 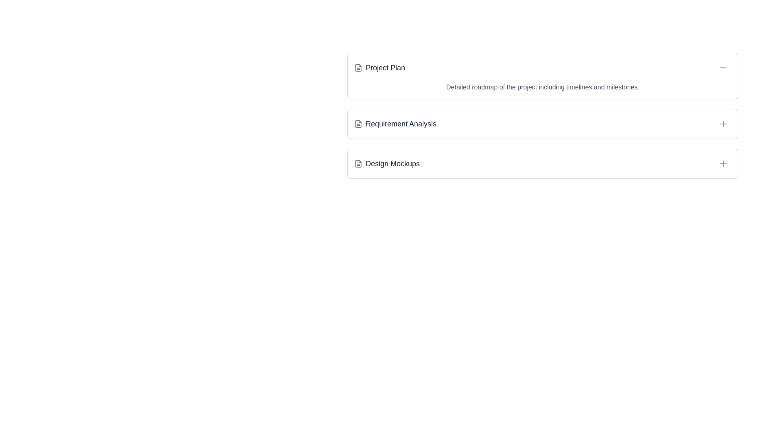 What do you see at coordinates (393, 163) in the screenshot?
I see `the 'Design Mockups' text label, which is the third entry in a vertical list, positioned below 'Project Plan' and 'Requirement Analysis', with an icon on its left and a green plus icon on its right` at bounding box center [393, 163].